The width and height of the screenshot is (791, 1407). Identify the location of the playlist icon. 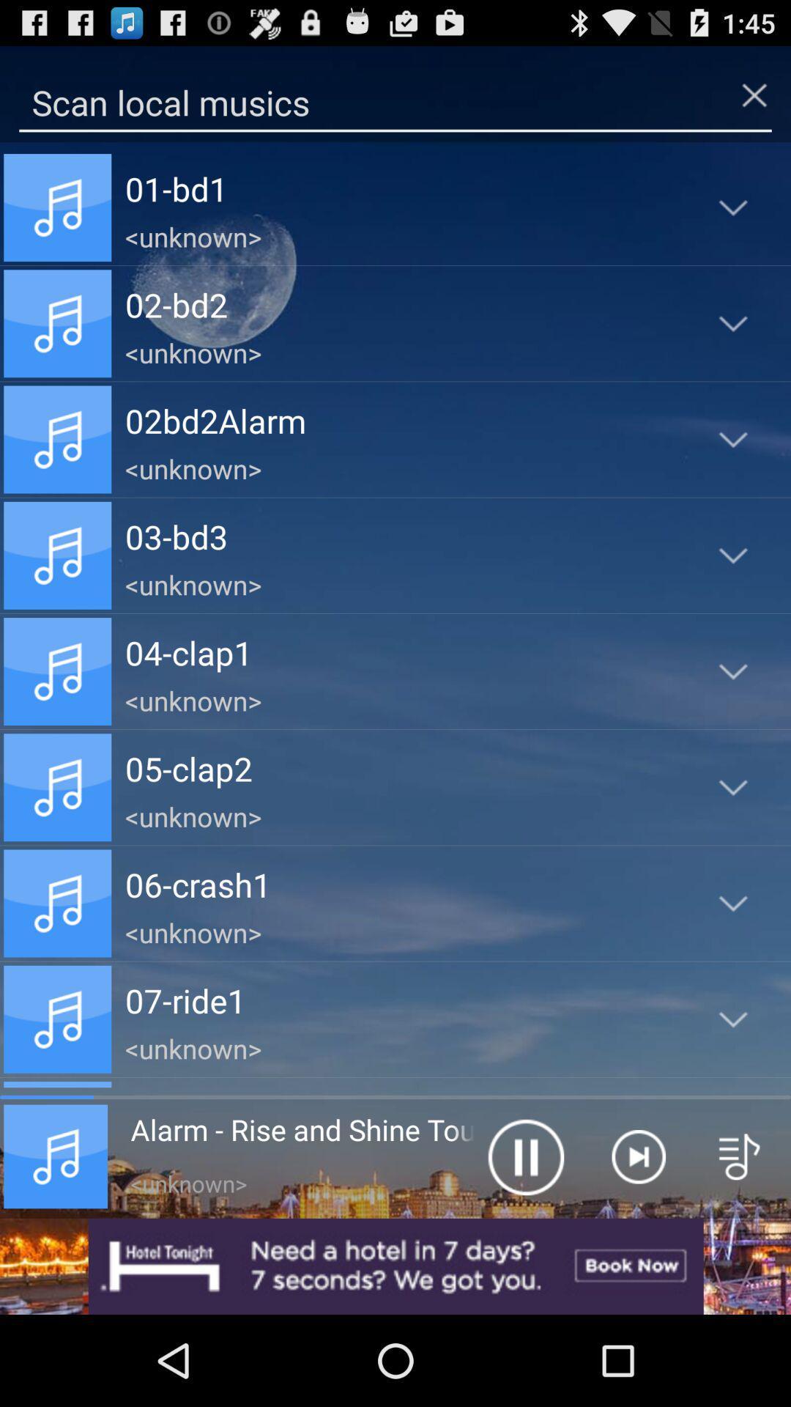
(740, 1237).